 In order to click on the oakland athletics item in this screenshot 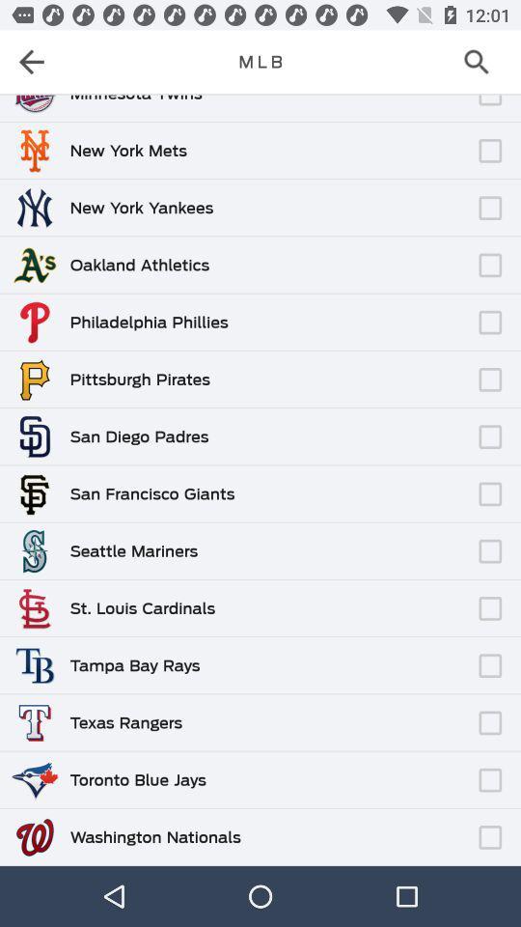, I will do `click(138, 264)`.